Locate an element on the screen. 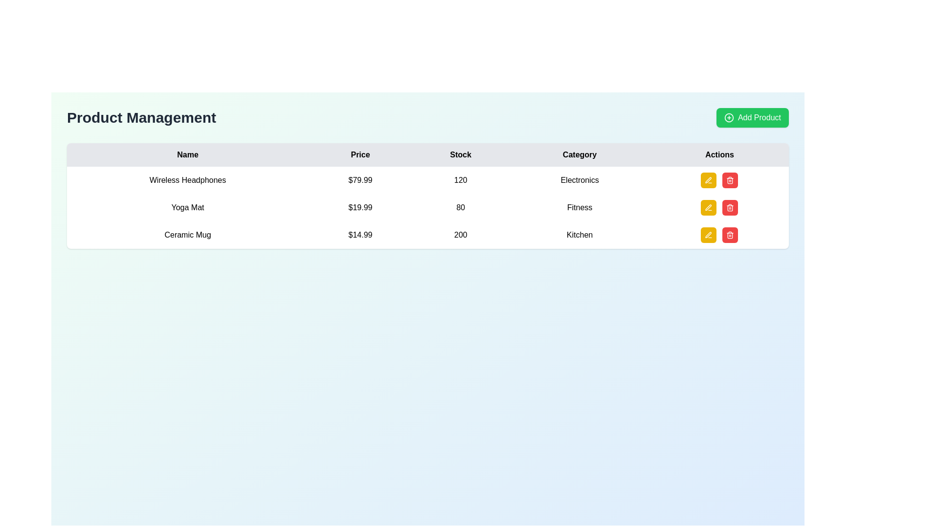 The height and width of the screenshot is (528, 939). the second row of the product table, which displays the product's name, price, stock level, and category, located between 'Wireless Headphones' and 'Ceramic Mug' is located at coordinates (427, 207).